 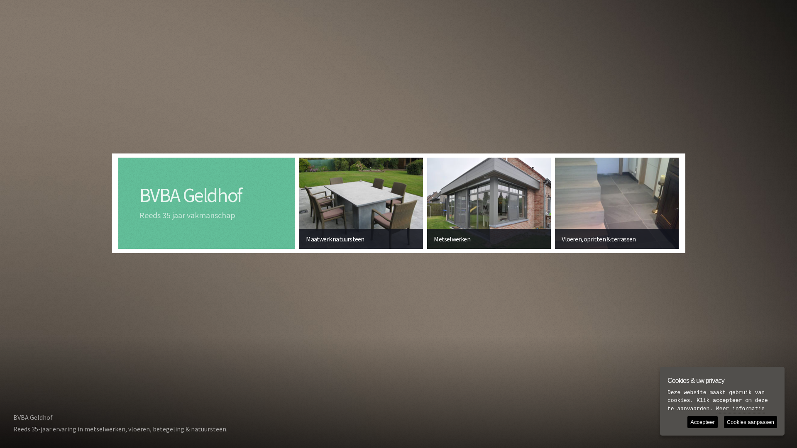 What do you see at coordinates (702, 422) in the screenshot?
I see `'Accepteer'` at bounding box center [702, 422].